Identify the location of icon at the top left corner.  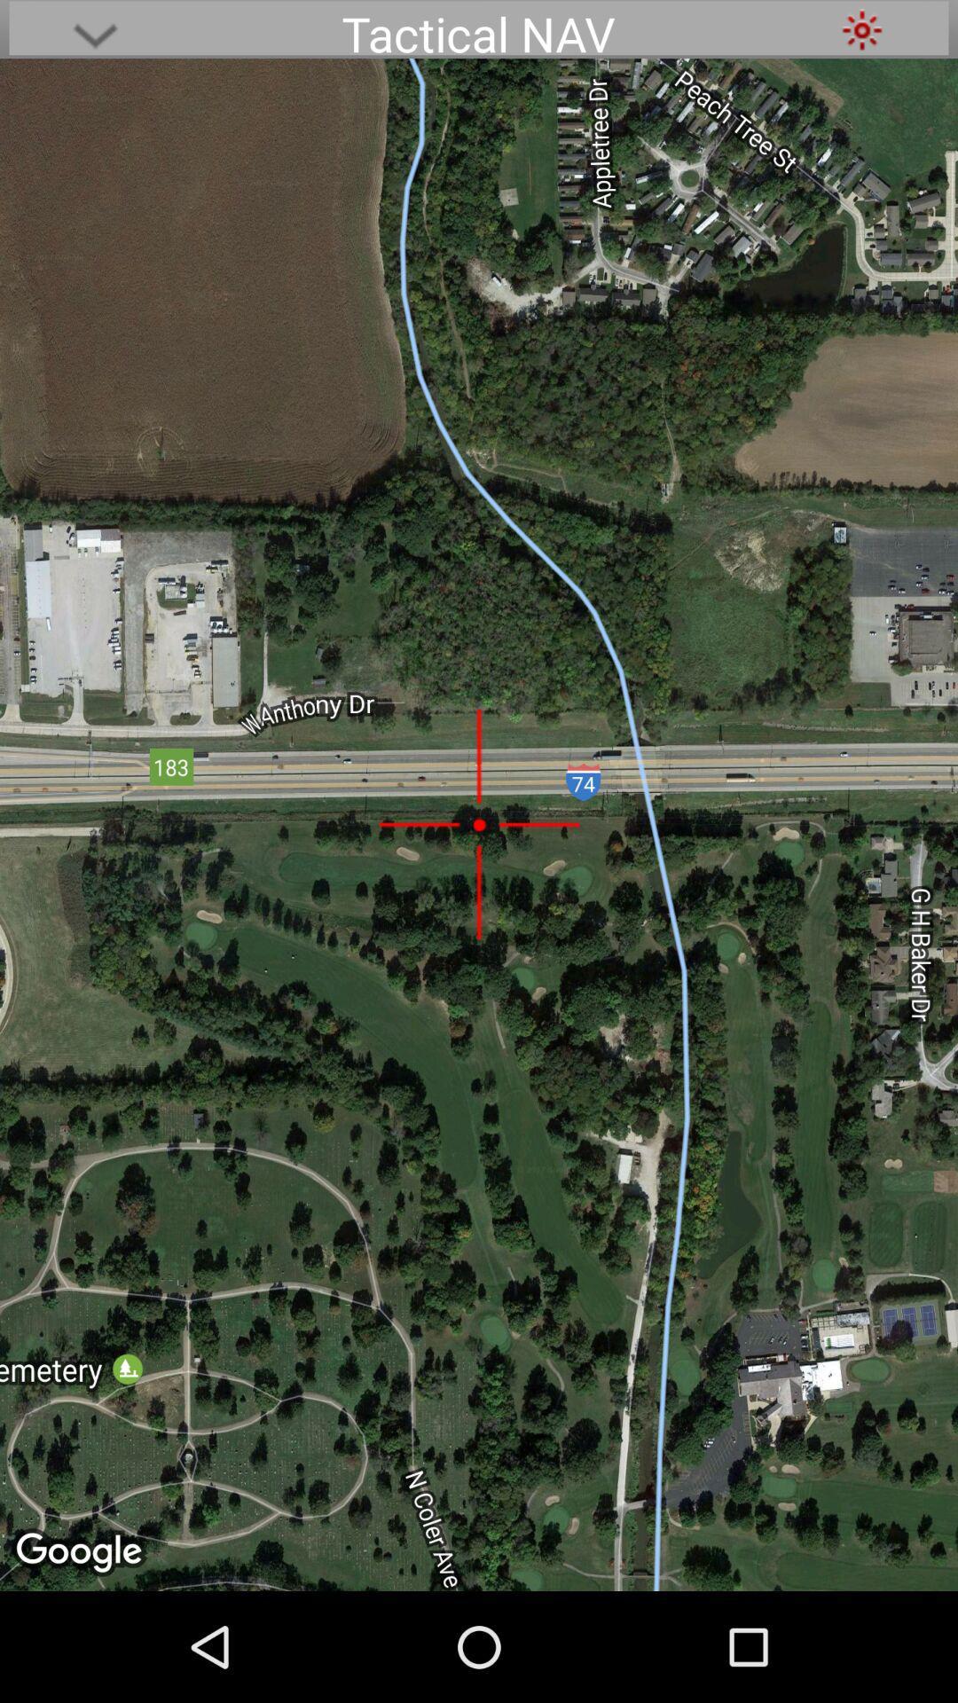
(95, 29).